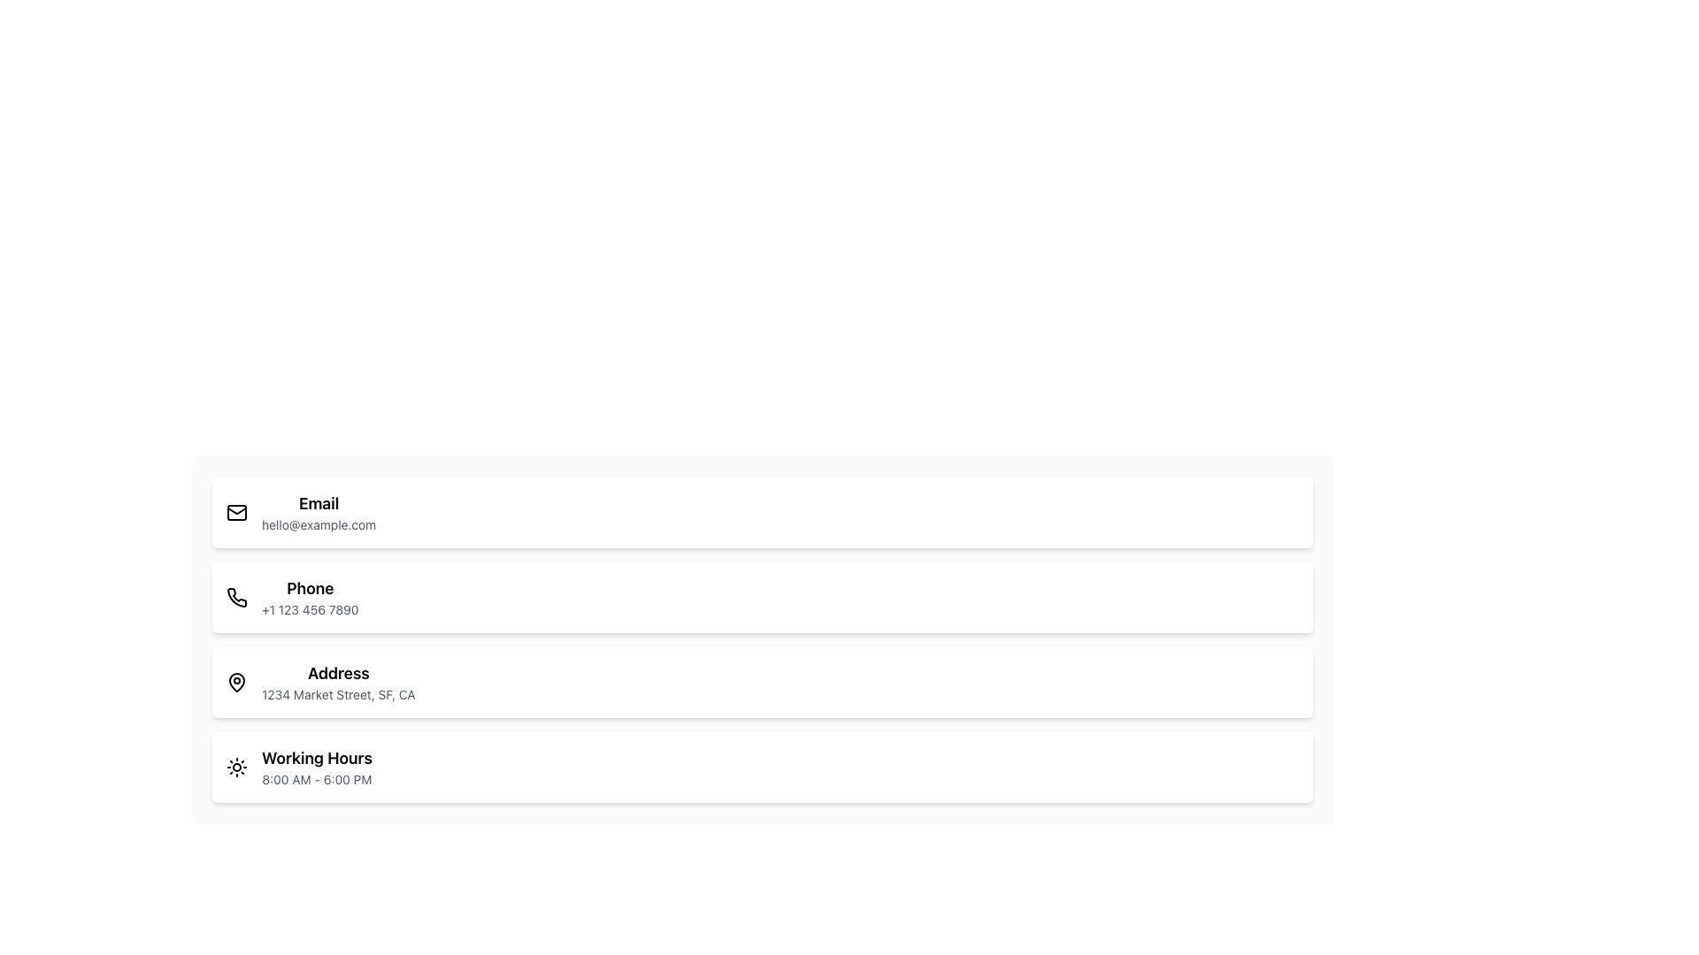 Image resolution: width=1699 pixels, height=955 pixels. I want to click on the visual indicator icon representing the theme of the section about working hours, located to the left of the 'Working Hours' text label in the fourth card section, so click(236, 766).